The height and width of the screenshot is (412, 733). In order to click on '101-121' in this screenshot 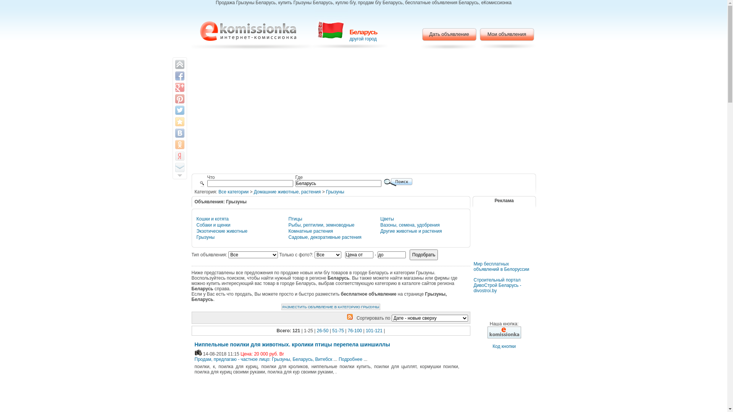, I will do `click(374, 330)`.